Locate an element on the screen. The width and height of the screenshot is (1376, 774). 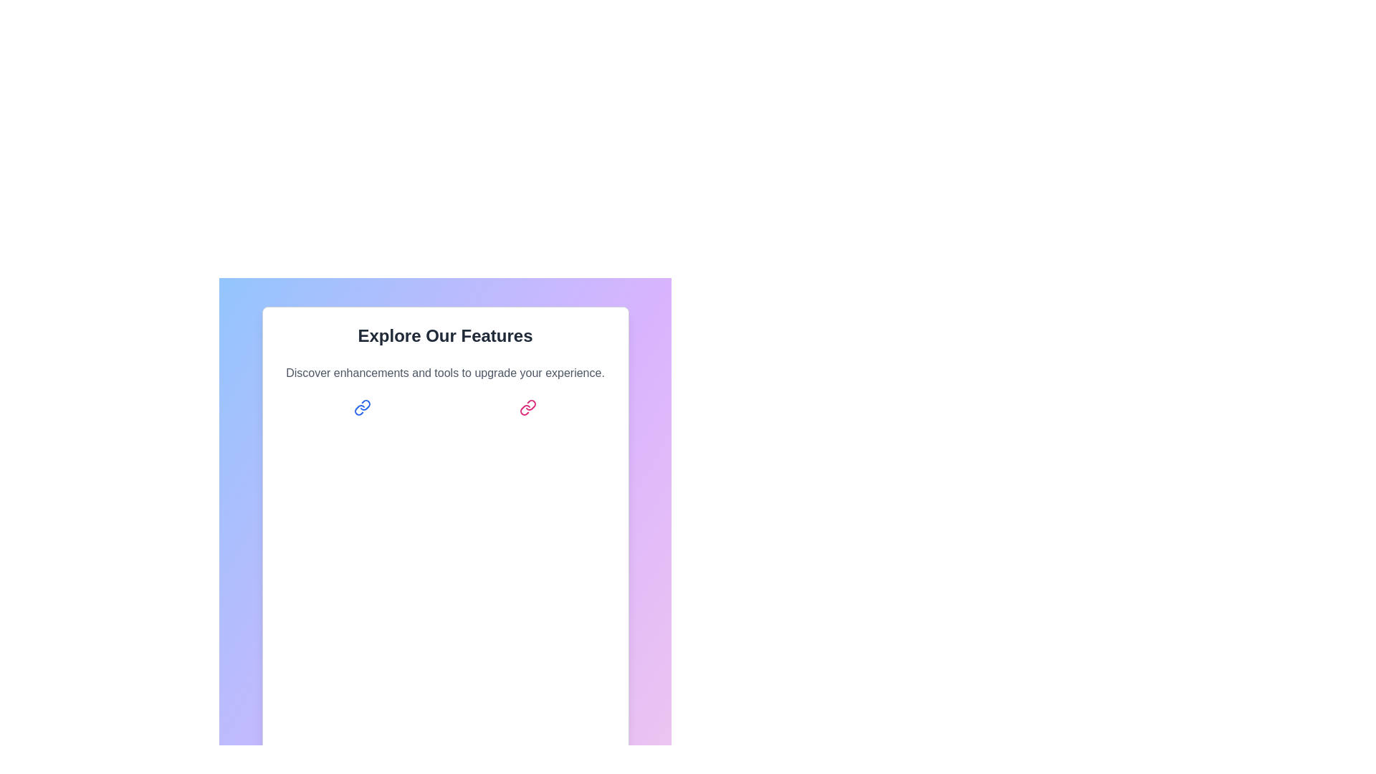
the pink chain link icon button to navigate or trigger a linked feature is located at coordinates (527, 408).